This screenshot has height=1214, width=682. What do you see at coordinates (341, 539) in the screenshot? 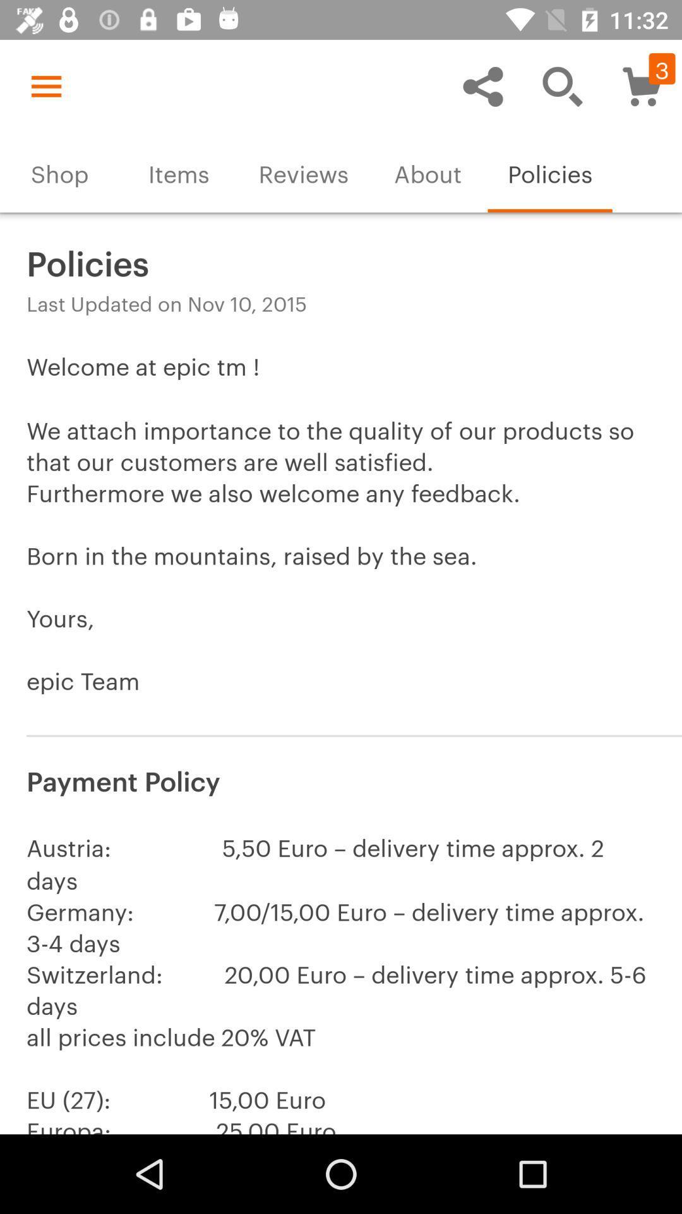
I see `item above payment policy icon` at bounding box center [341, 539].